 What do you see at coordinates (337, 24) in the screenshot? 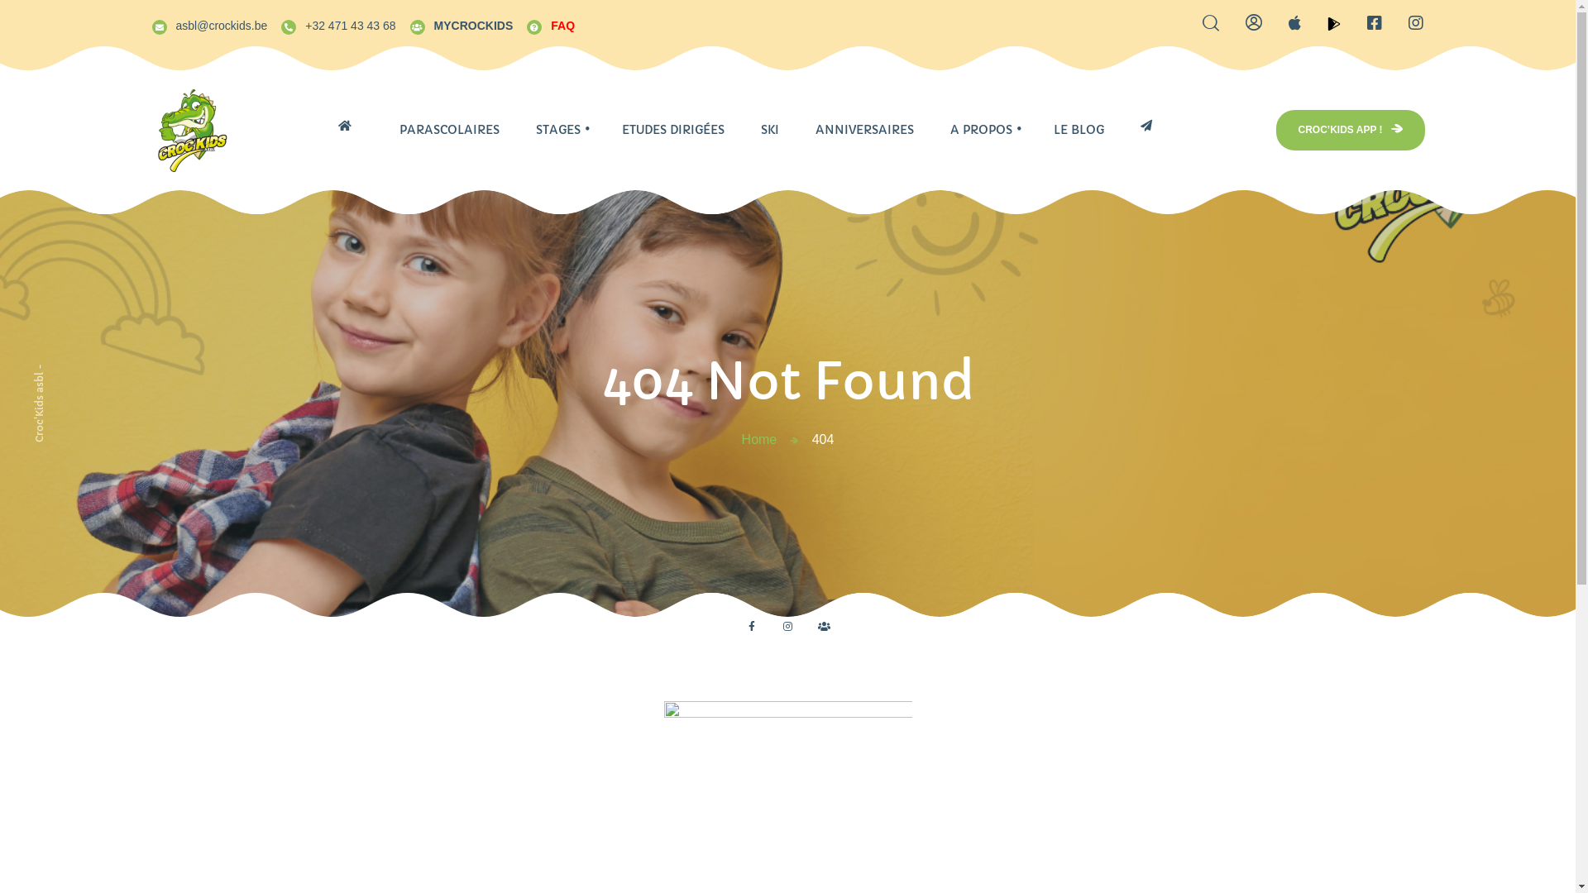
I see `'+32 471 43 43 68'` at bounding box center [337, 24].